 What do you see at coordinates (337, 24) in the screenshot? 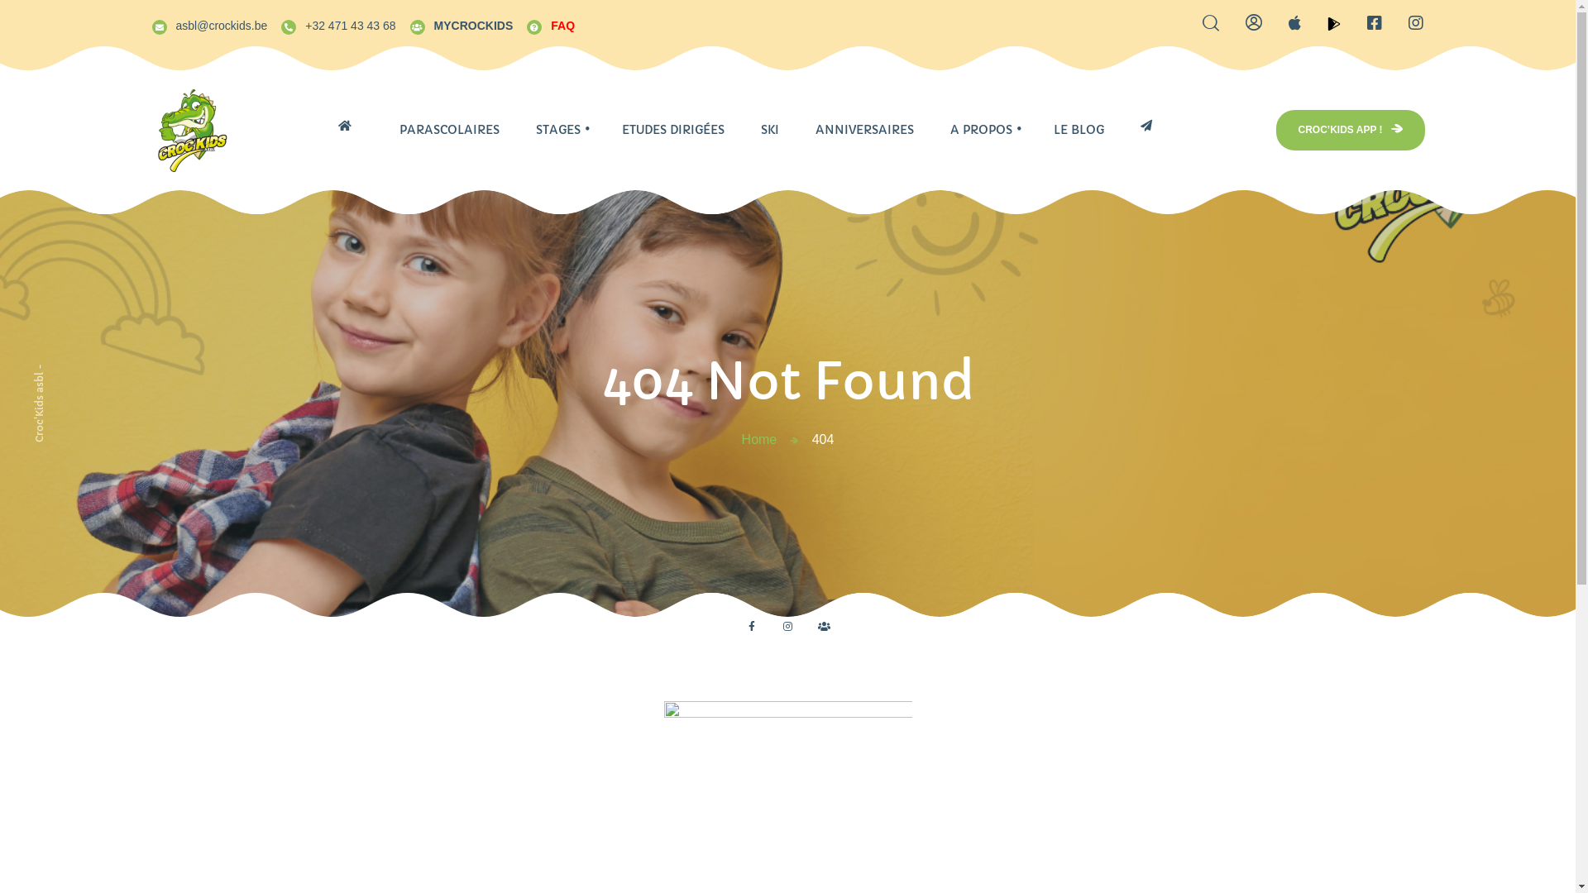
I see `'+32 471 43 43 68'` at bounding box center [337, 24].